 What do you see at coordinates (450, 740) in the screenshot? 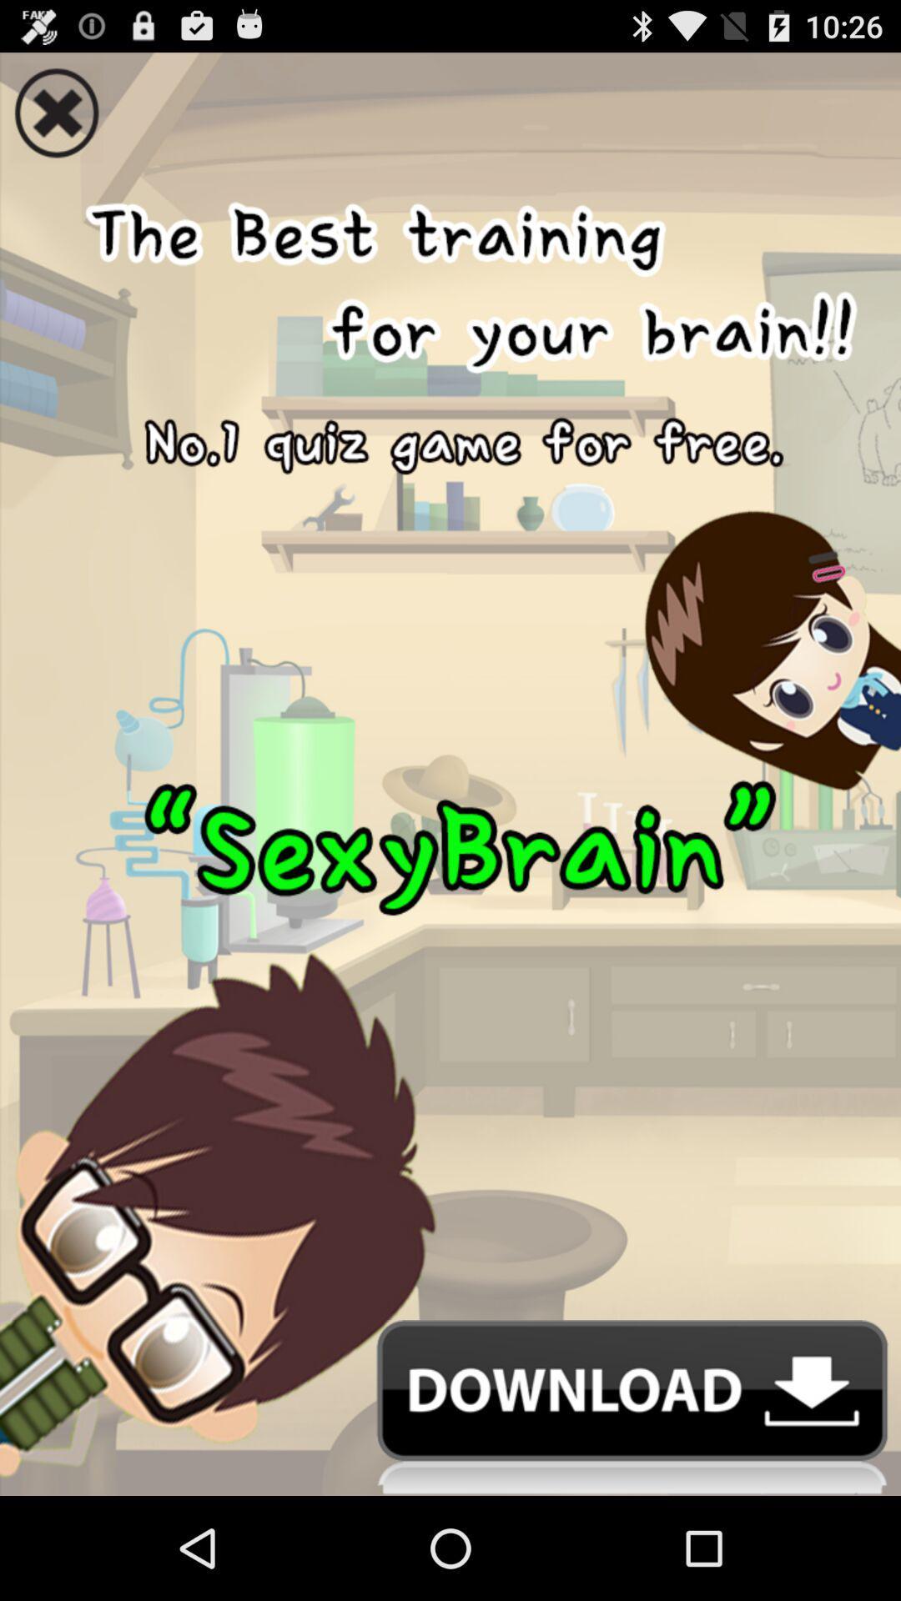
I see `the button at the center` at bounding box center [450, 740].